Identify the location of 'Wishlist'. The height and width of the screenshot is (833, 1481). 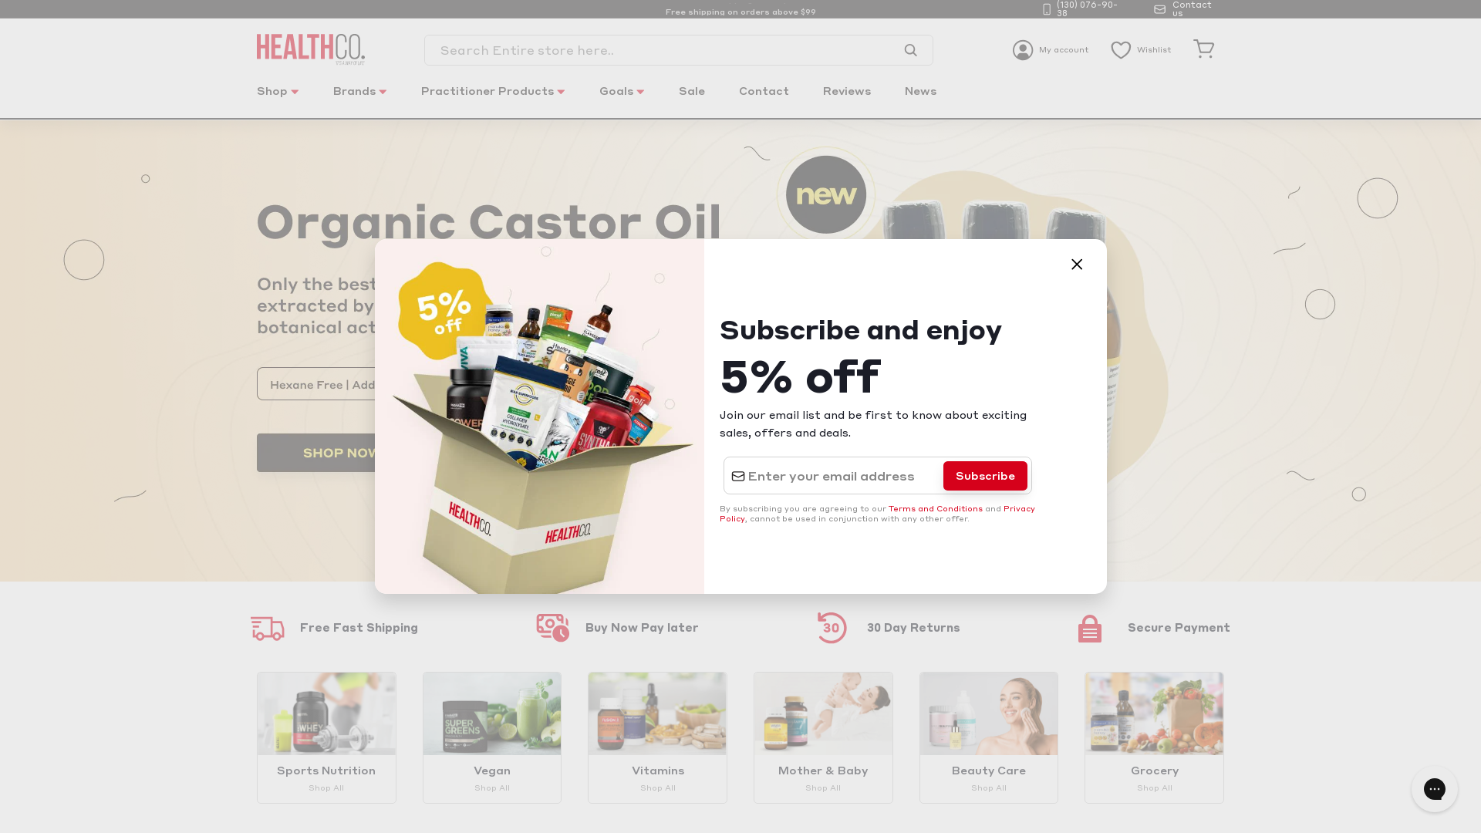
(1140, 49).